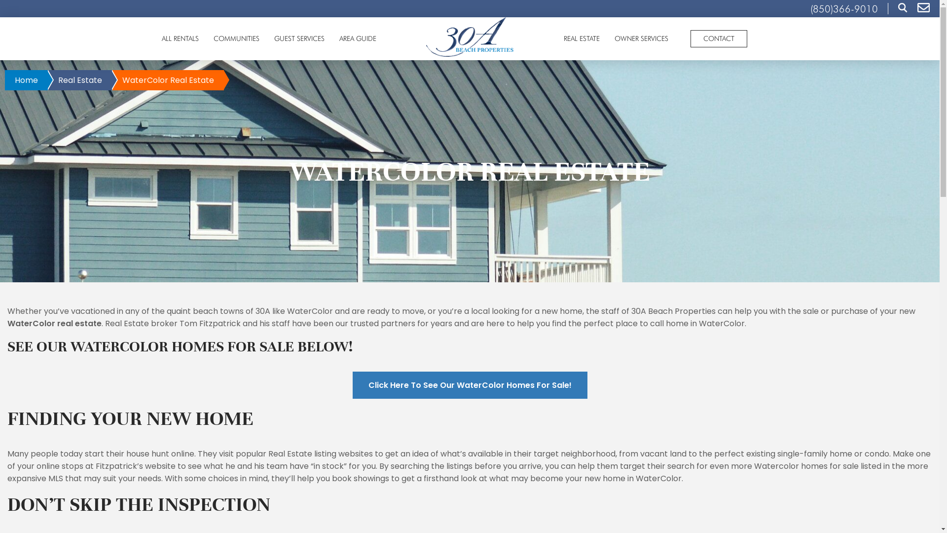 The image size is (947, 533). What do you see at coordinates (26, 79) in the screenshot?
I see `'Home'` at bounding box center [26, 79].